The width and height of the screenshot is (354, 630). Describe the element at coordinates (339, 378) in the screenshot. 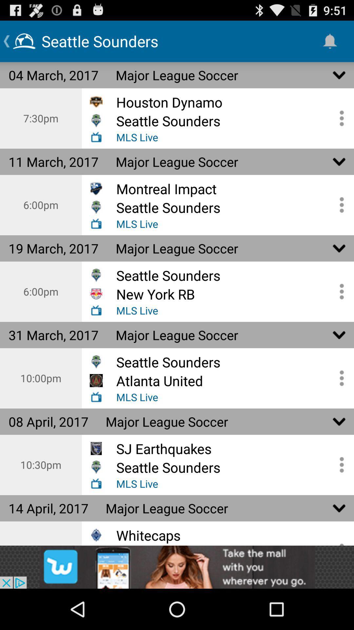

I see `open mls options` at that location.